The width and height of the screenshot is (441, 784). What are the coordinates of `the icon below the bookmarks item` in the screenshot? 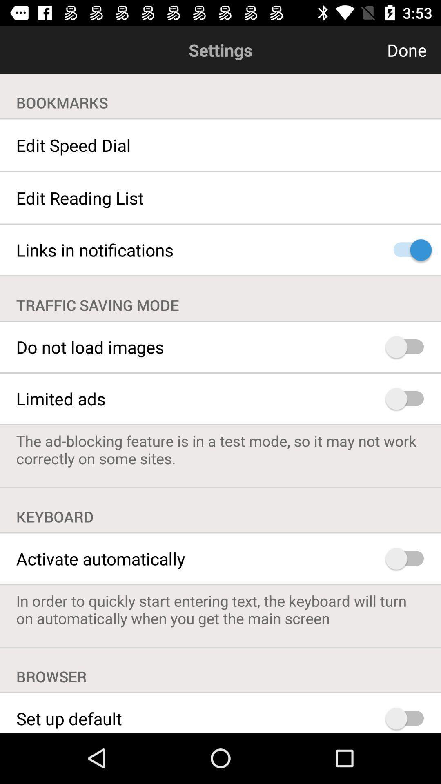 It's located at (220, 145).